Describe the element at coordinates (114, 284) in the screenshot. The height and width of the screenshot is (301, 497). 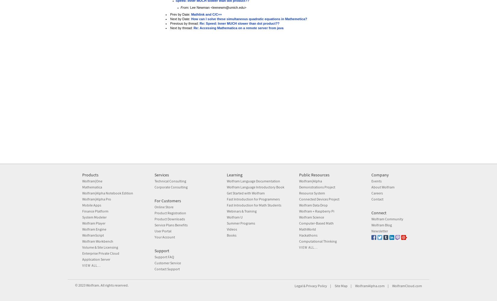
I see `'. All rights reserved.'` at that location.